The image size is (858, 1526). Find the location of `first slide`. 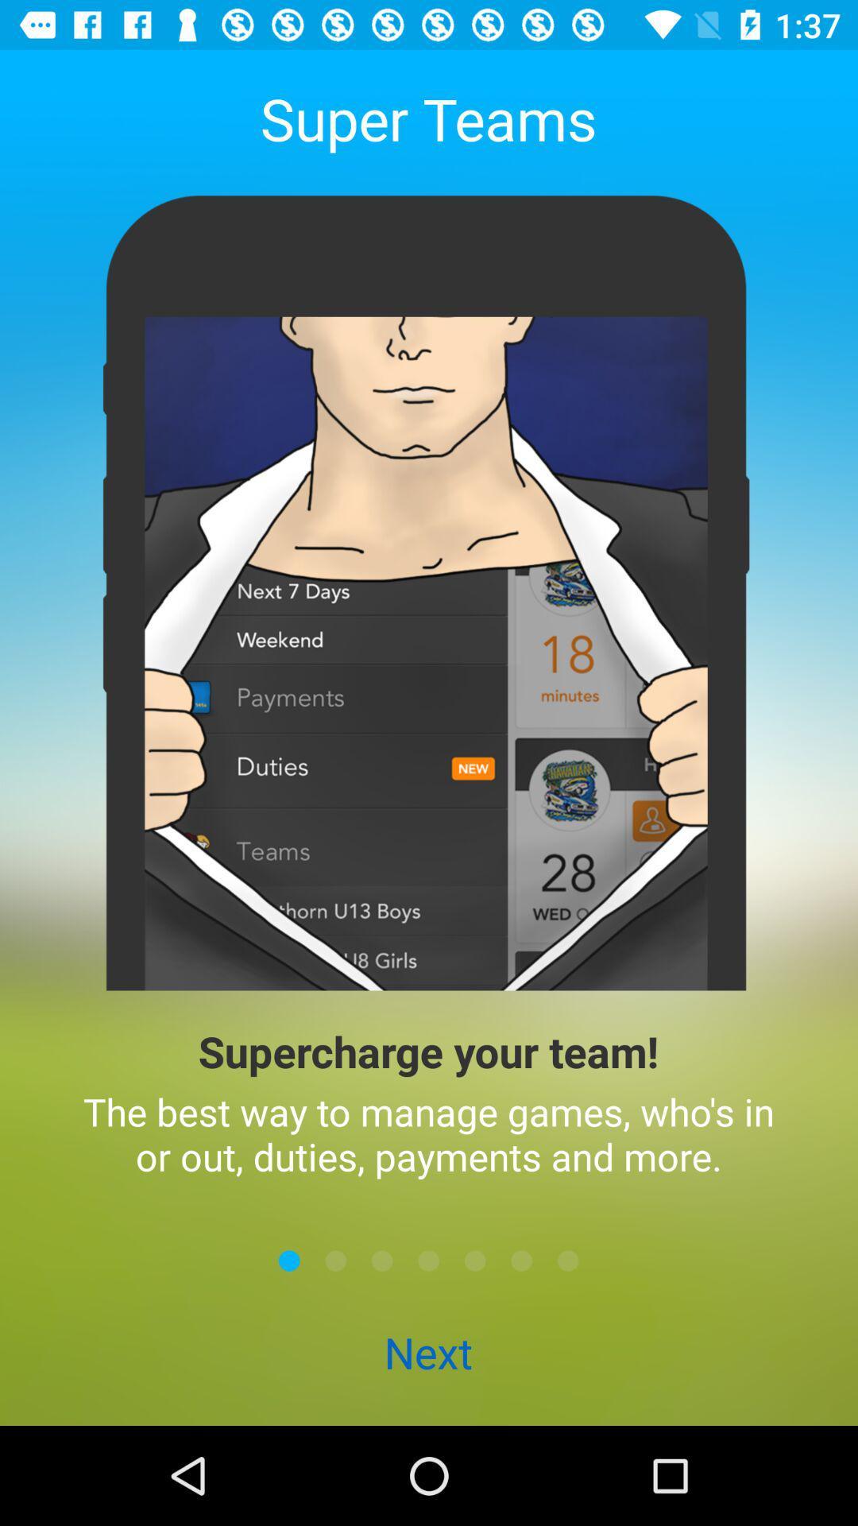

first slide is located at coordinates (289, 1260).